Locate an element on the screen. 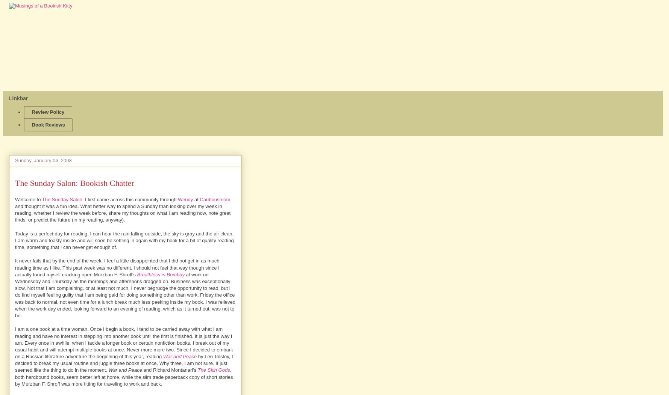 Image resolution: width=669 pixels, height=395 pixels. 'Sunday, January 06, 2008' is located at coordinates (15, 160).